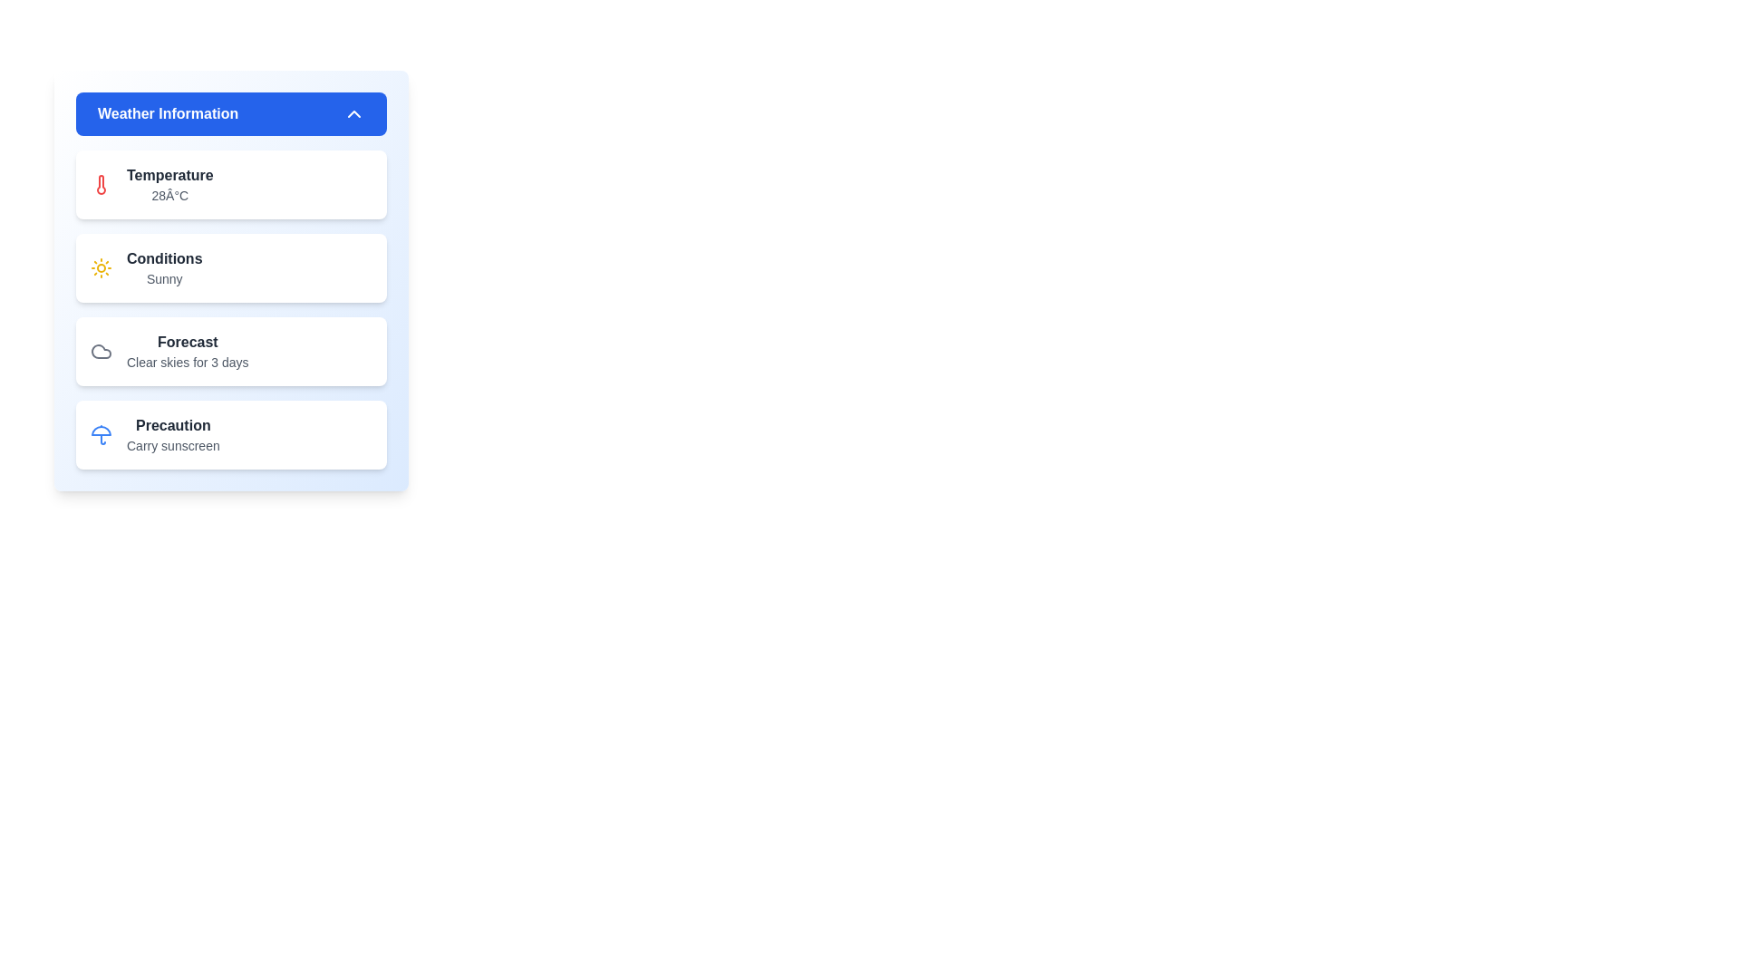  Describe the element at coordinates (100, 352) in the screenshot. I see `the cloud icon located to the left of the 'Forecast' text within the 'Weather Information' card` at that location.